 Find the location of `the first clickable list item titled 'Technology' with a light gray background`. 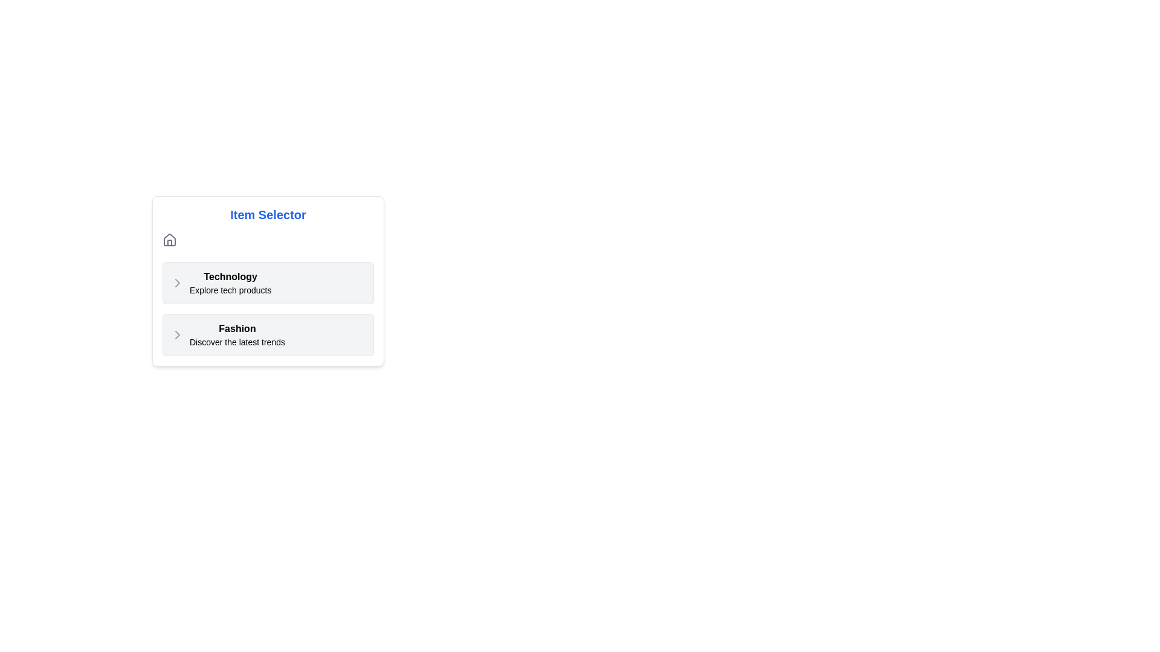

the first clickable list item titled 'Technology' with a light gray background is located at coordinates (268, 281).